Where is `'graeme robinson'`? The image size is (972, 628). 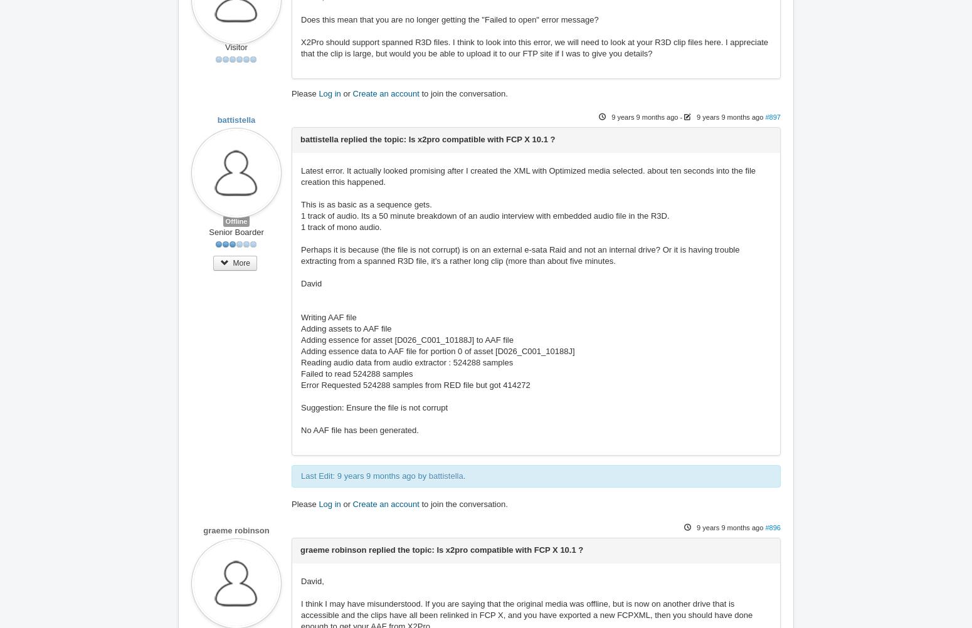
'graeme robinson' is located at coordinates (235, 530).